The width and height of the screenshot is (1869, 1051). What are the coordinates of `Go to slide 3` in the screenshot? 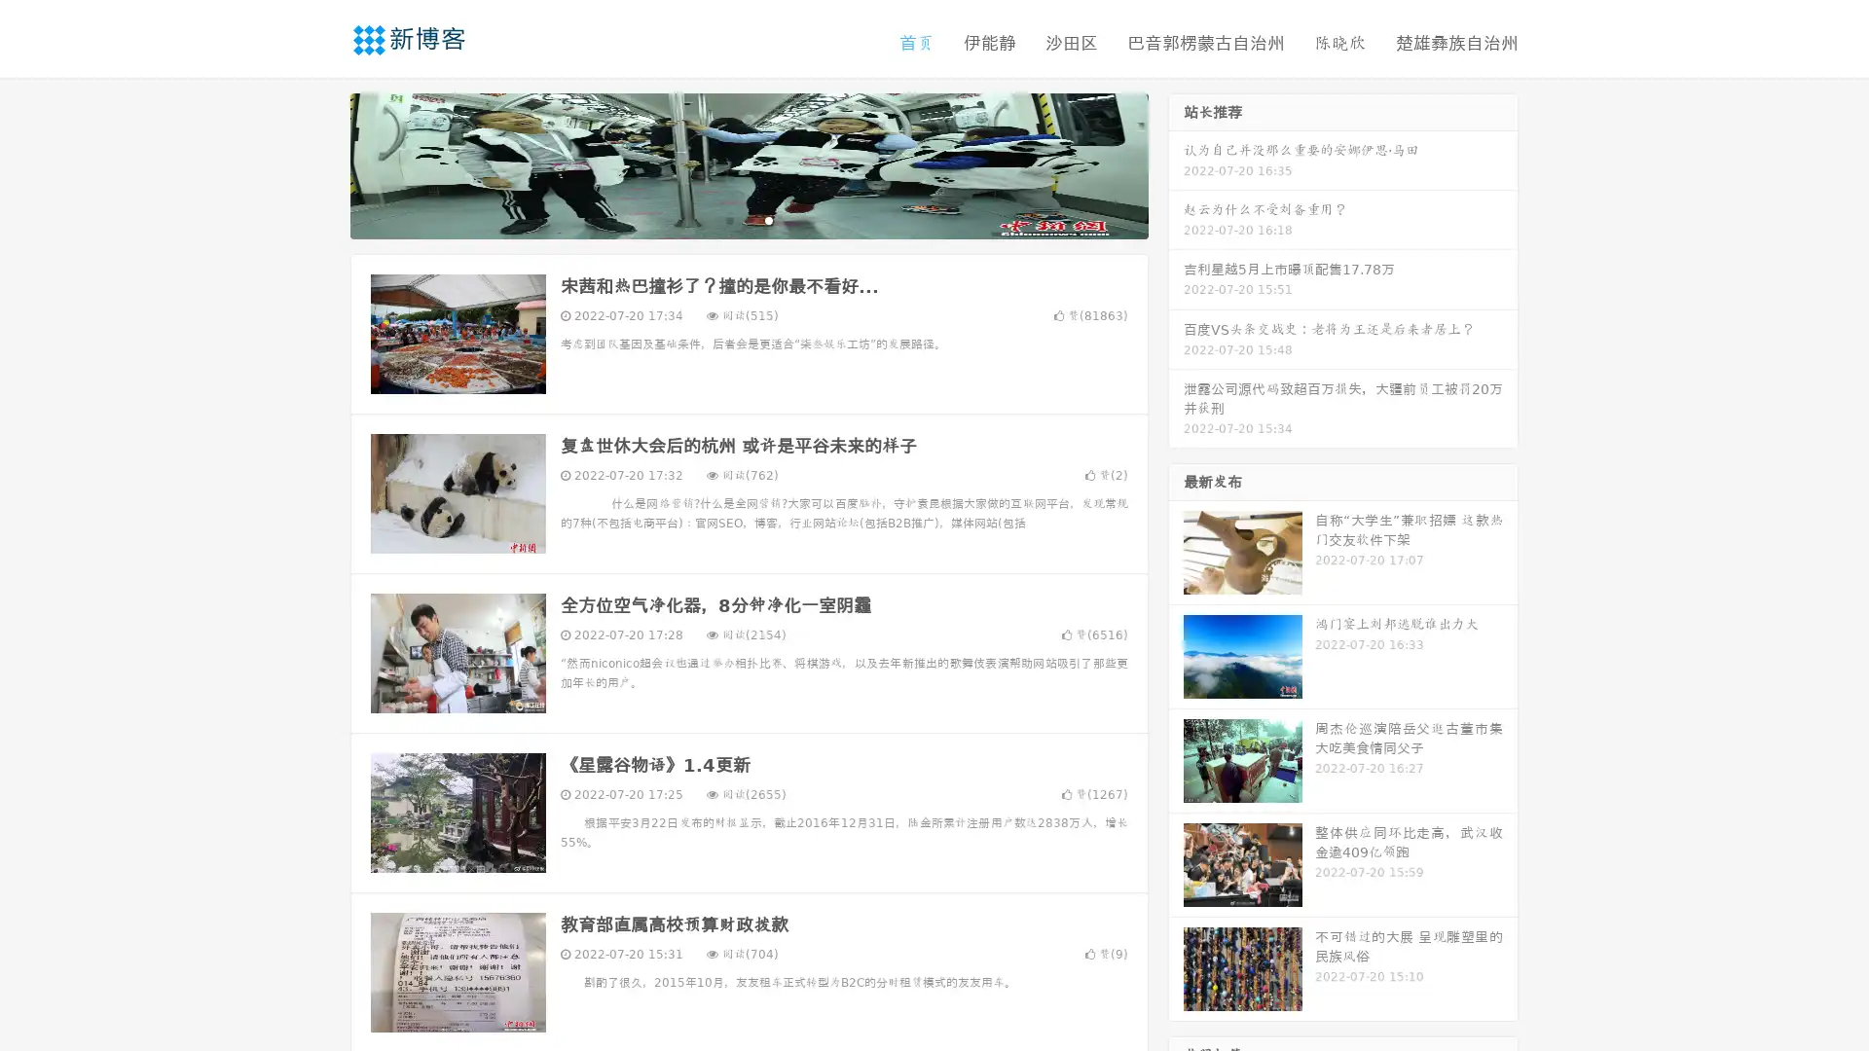 It's located at (768, 219).